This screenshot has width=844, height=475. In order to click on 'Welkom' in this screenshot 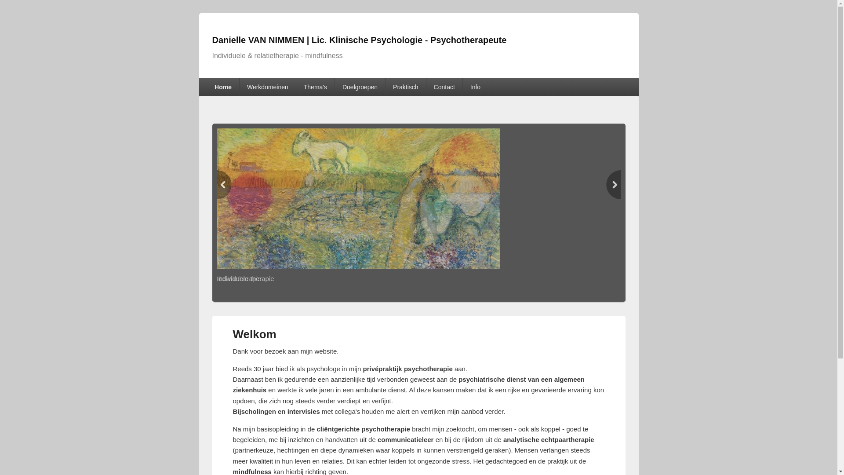, I will do `click(233, 334)`.